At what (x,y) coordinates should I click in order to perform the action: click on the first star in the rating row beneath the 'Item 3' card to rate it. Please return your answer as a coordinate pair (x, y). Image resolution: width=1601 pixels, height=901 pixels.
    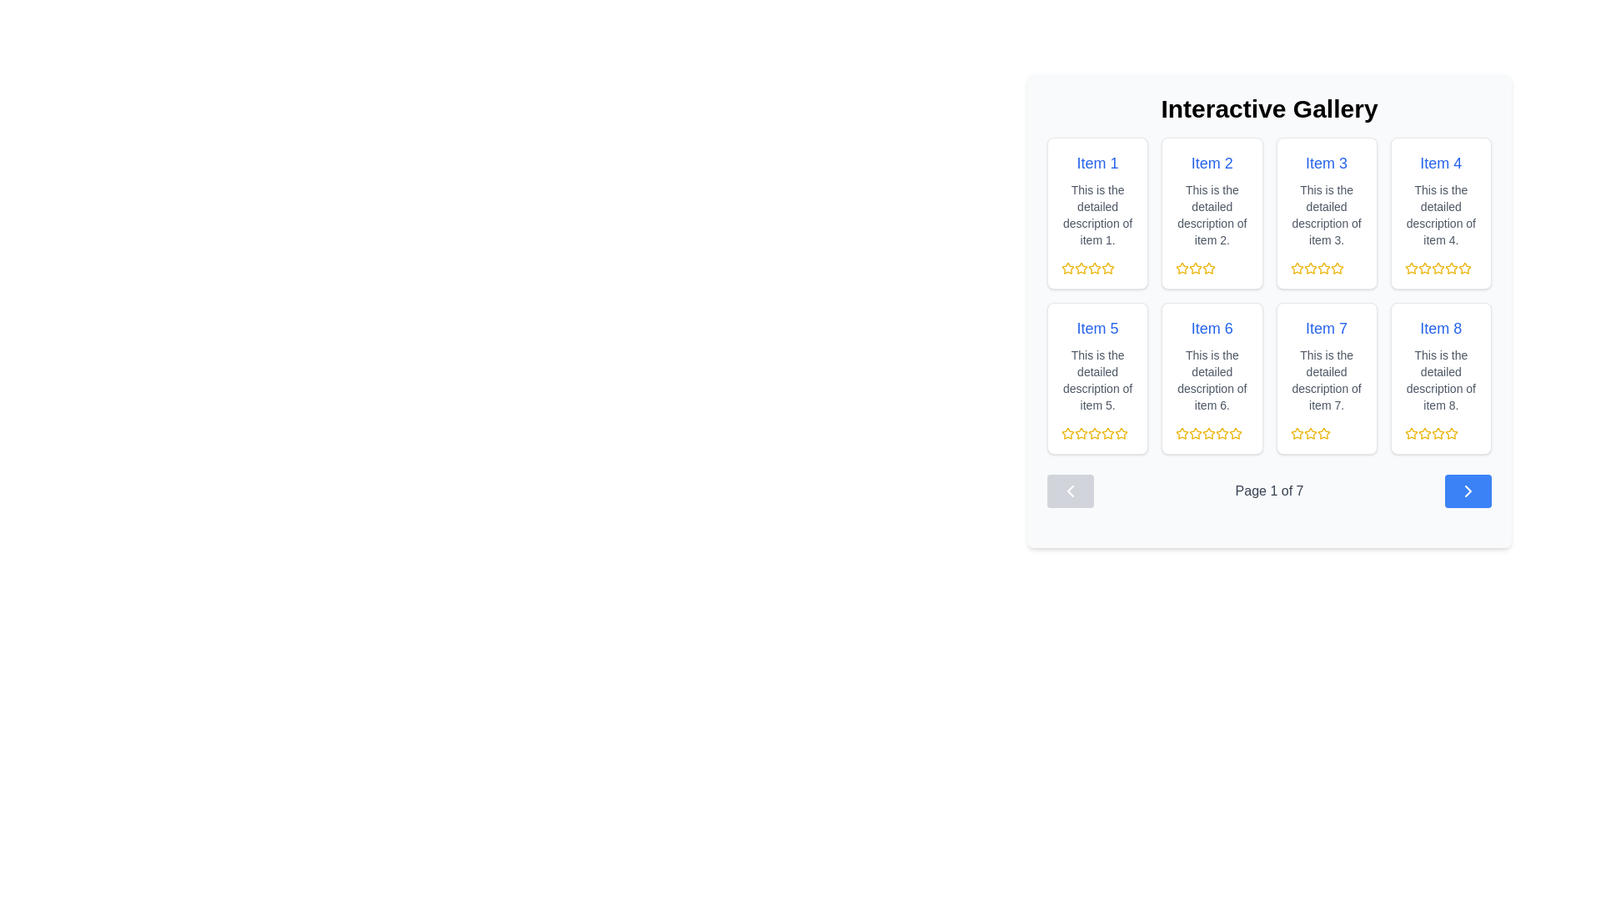
    Looking at the image, I should click on (1296, 267).